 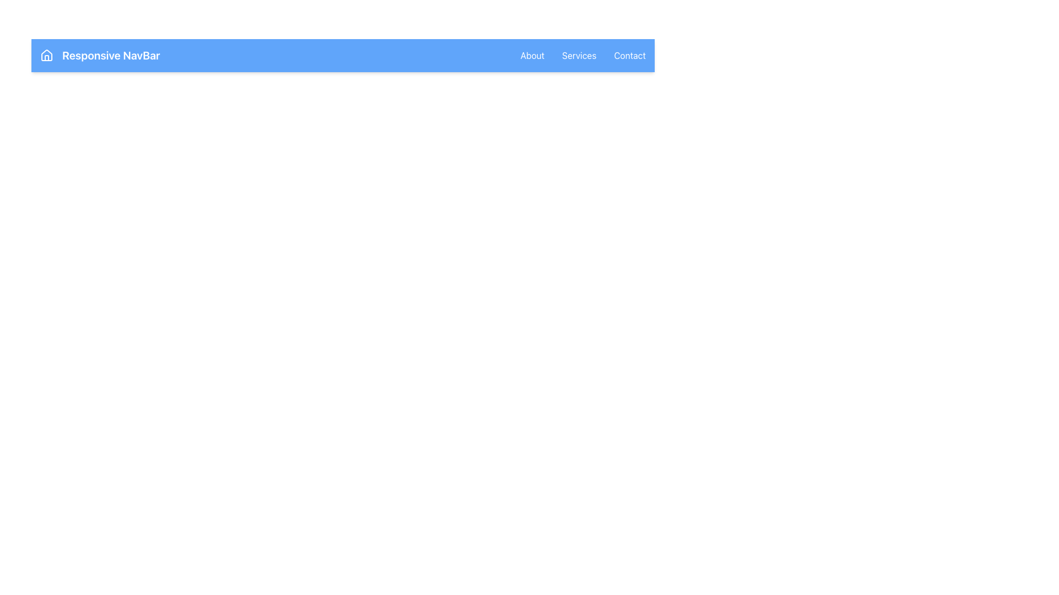 What do you see at coordinates (630, 55) in the screenshot?
I see `the non-interactive text label 'Contact' in the top-right section of the navigation menu` at bounding box center [630, 55].